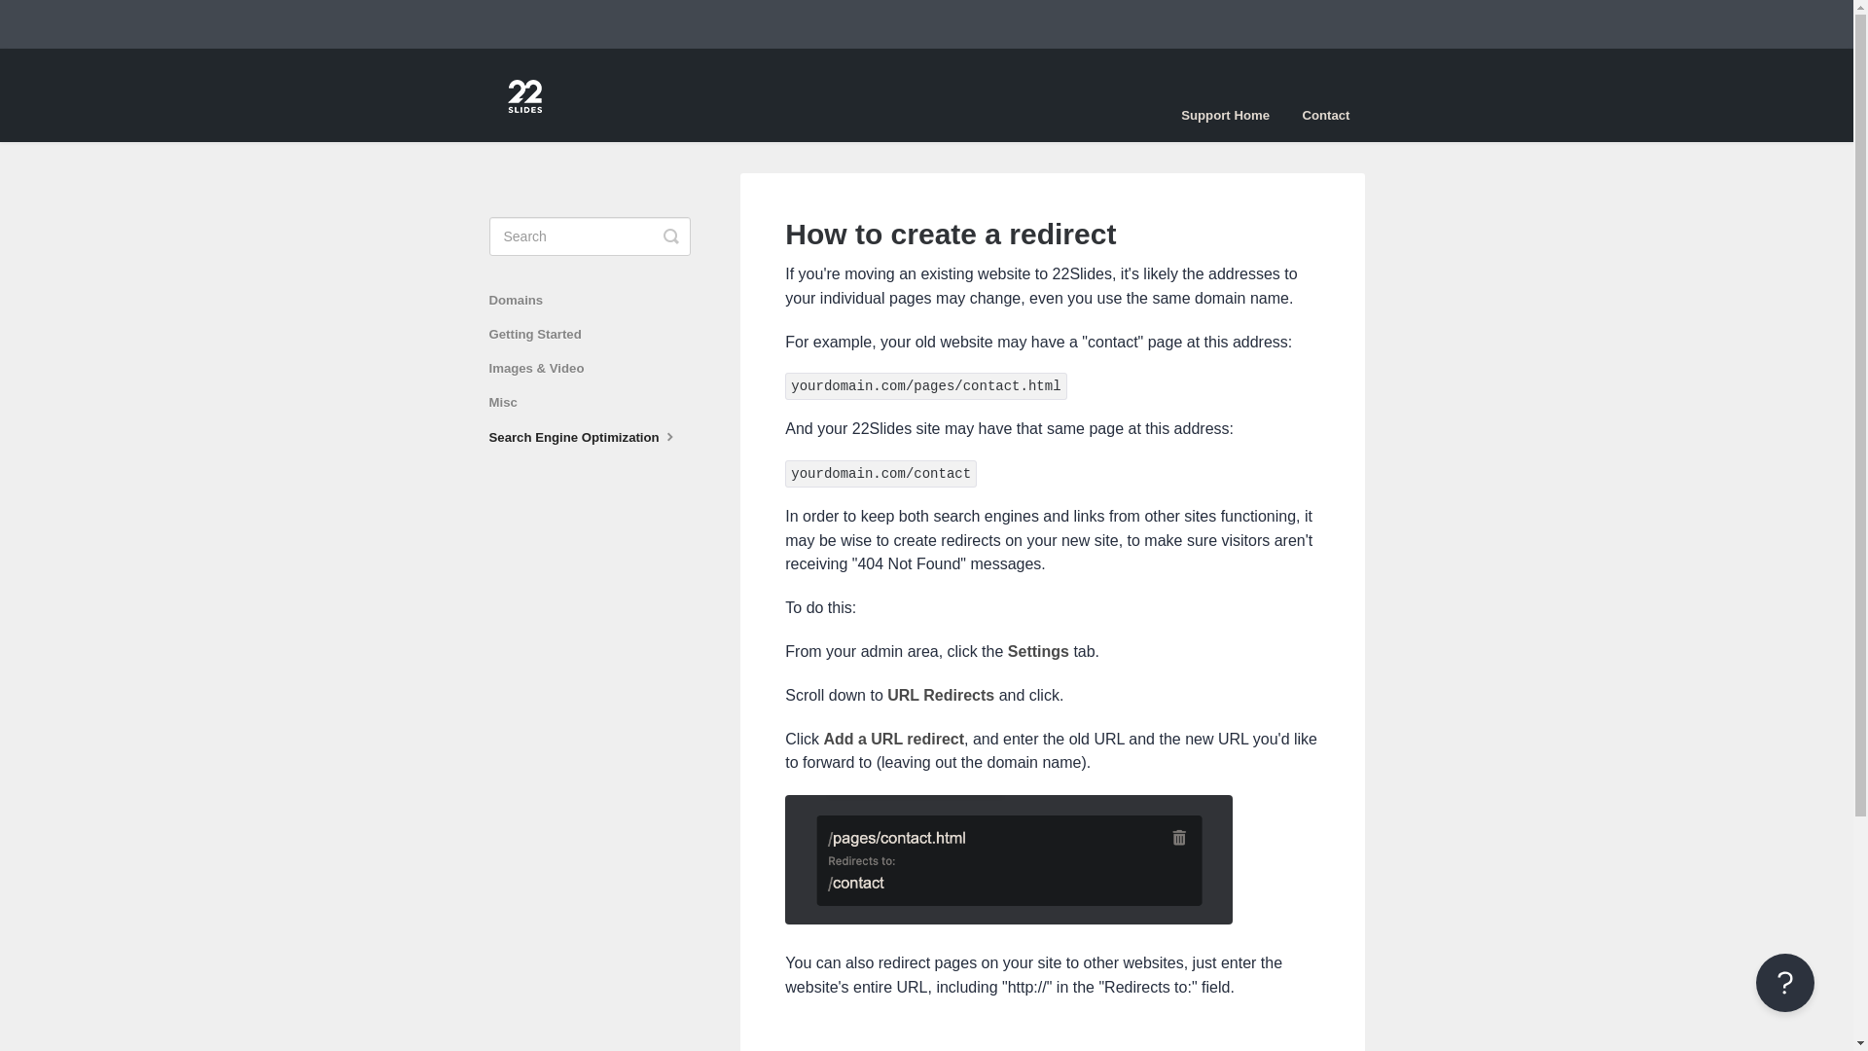  What do you see at coordinates (522, 300) in the screenshot?
I see `'Domains'` at bounding box center [522, 300].